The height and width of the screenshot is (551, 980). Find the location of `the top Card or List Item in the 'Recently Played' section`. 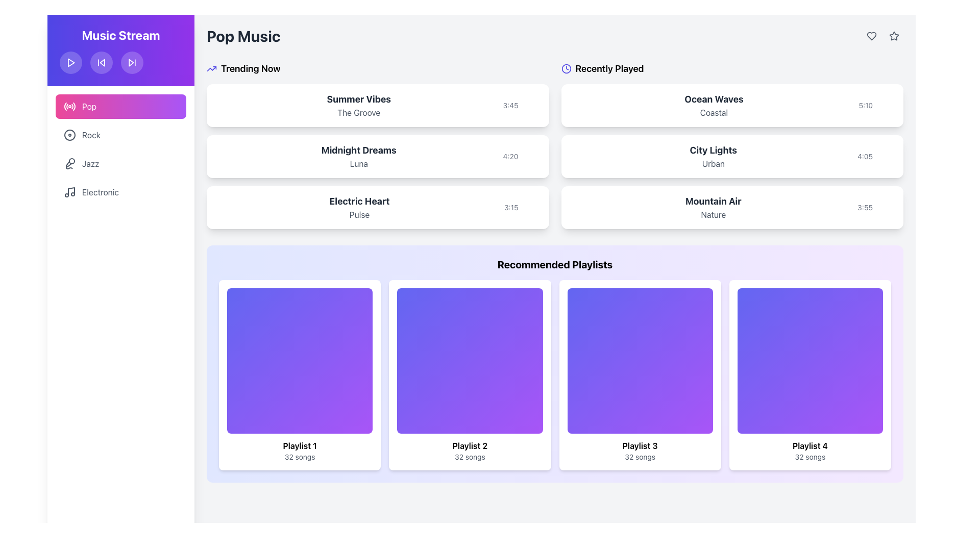

the top Card or List Item in the 'Recently Played' section is located at coordinates (731, 106).